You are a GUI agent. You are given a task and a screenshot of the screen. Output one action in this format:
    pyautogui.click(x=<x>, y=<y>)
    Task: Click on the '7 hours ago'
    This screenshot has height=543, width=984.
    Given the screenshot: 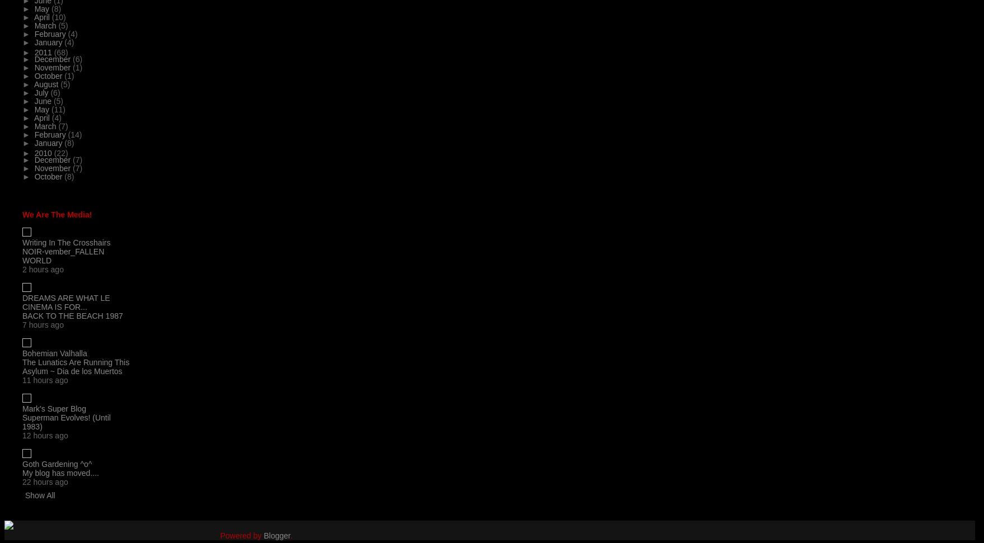 What is the action you would take?
    pyautogui.click(x=43, y=325)
    